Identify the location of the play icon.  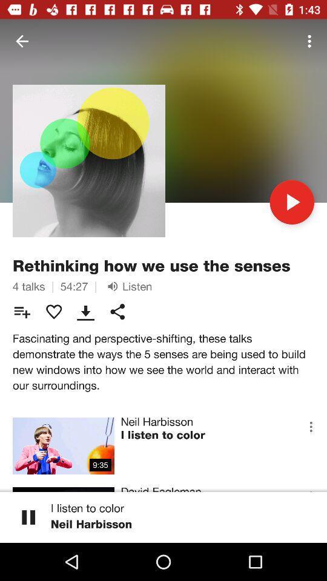
(291, 202).